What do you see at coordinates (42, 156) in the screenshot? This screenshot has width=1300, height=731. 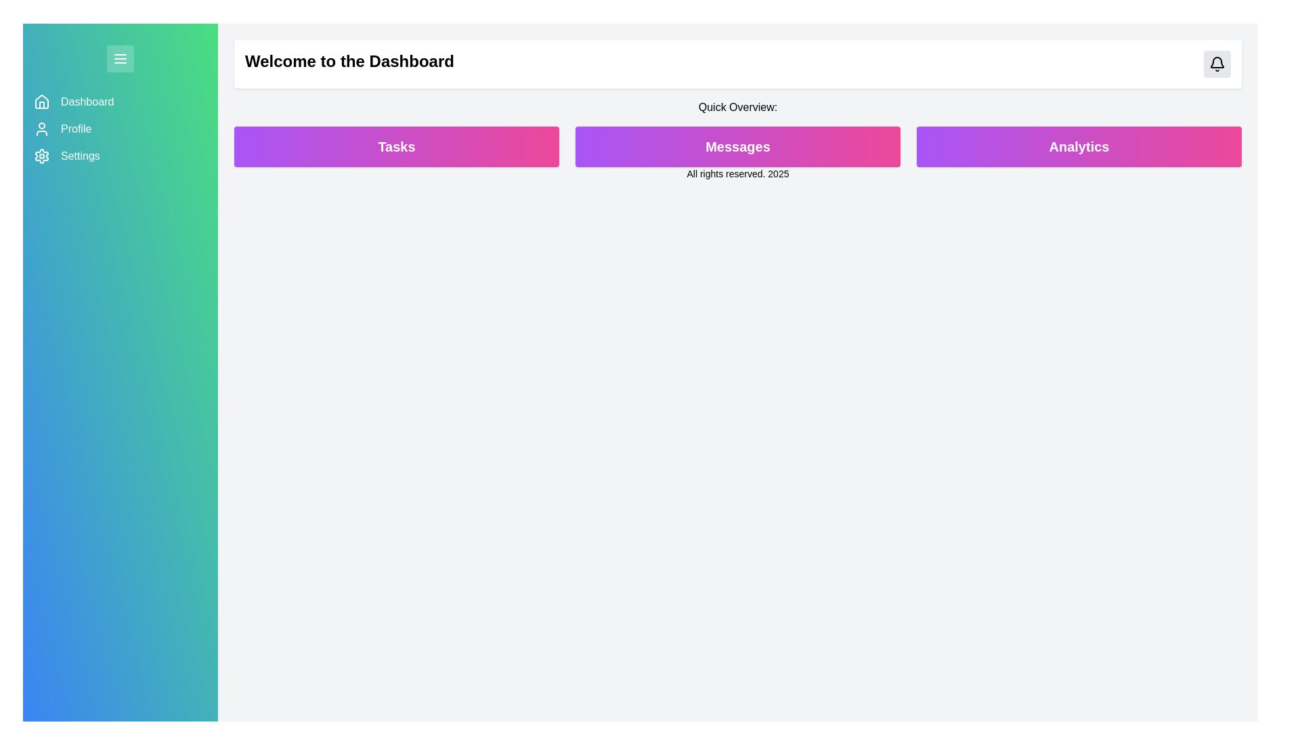 I see `the settings icon located on the left sidebar next to the label 'Settings'` at bounding box center [42, 156].